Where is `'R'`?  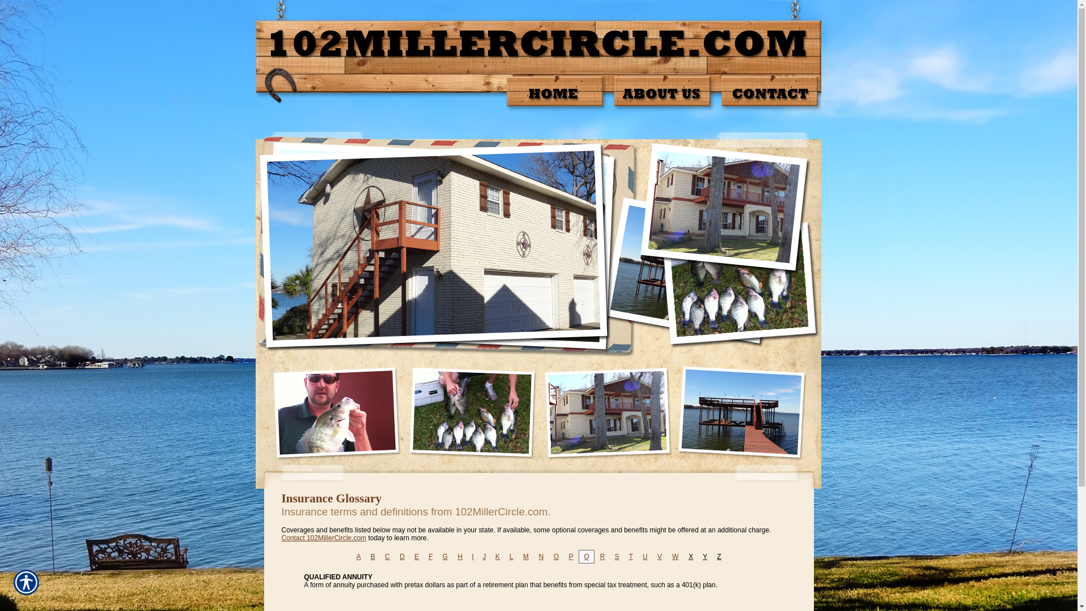
'R' is located at coordinates (602, 556).